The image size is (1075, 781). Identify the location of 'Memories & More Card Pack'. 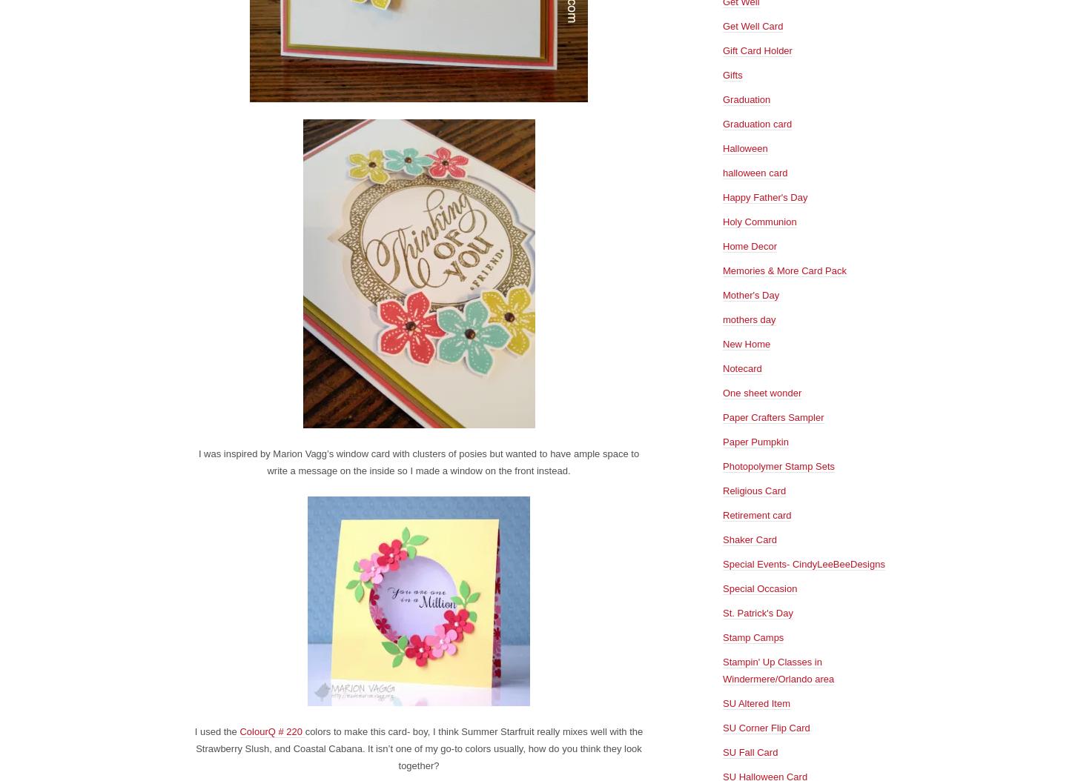
(784, 270).